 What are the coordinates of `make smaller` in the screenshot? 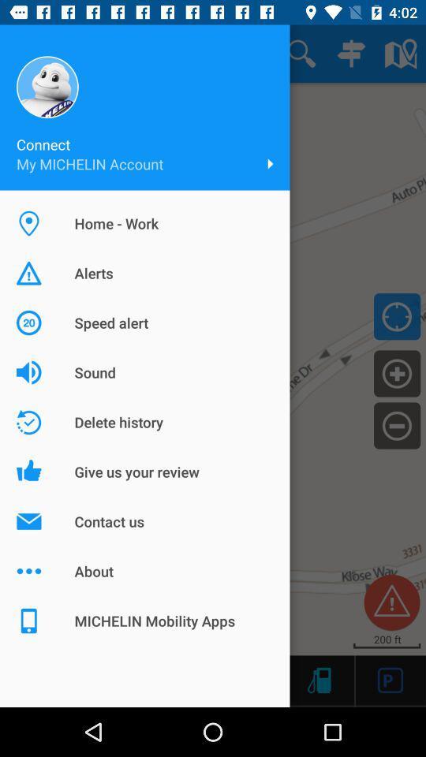 It's located at (396, 424).